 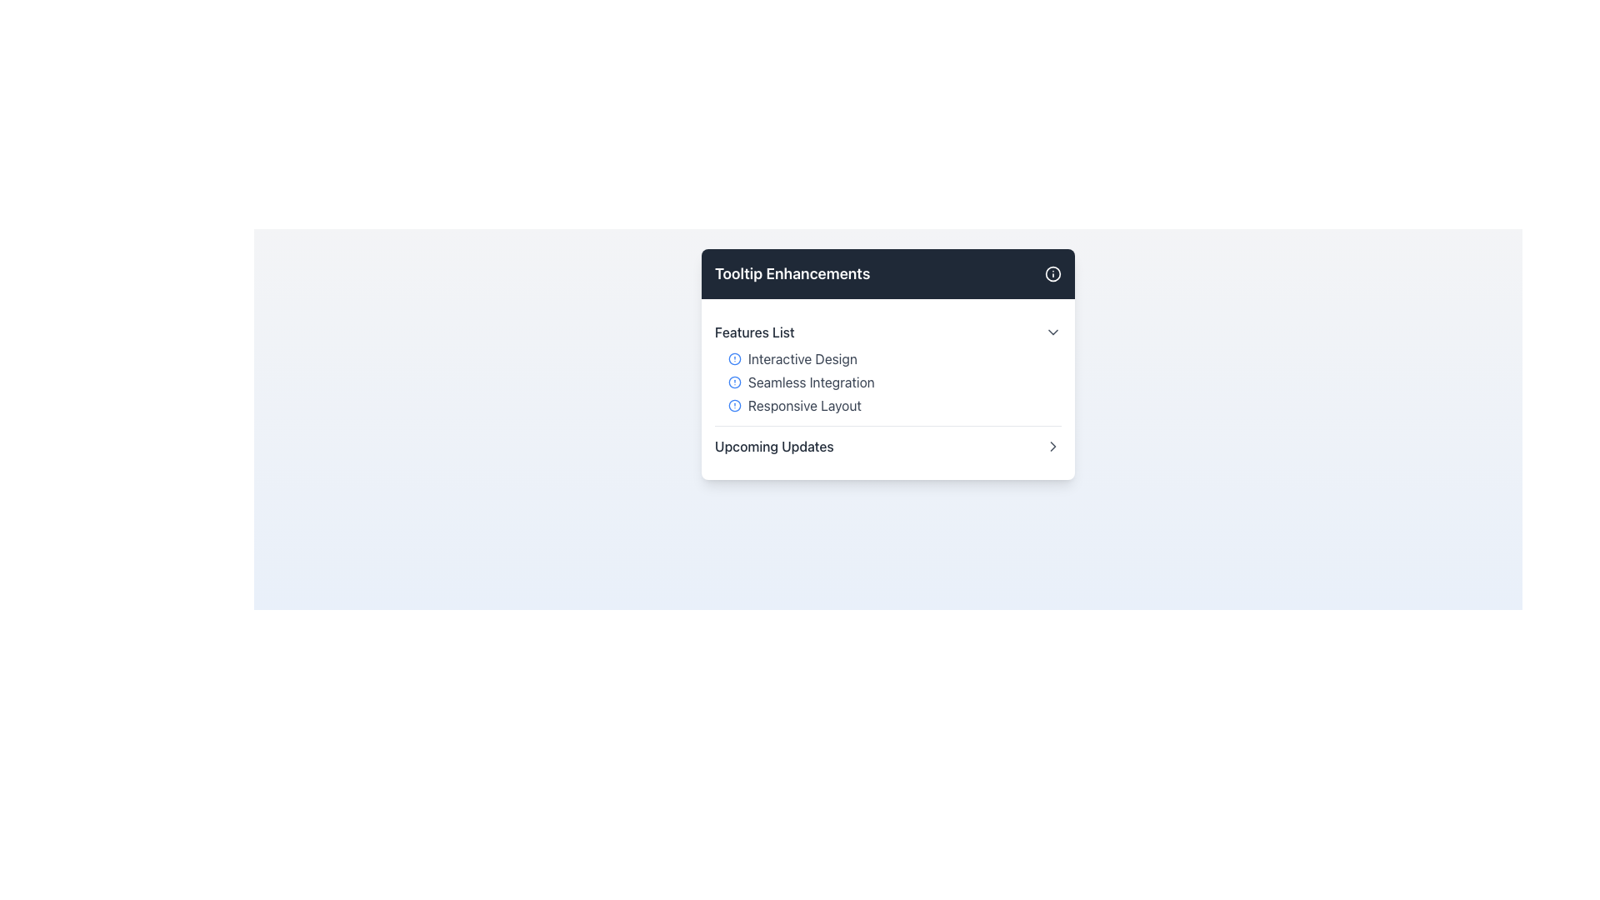 I want to click on the last interactive list item labeled 'Upcoming Updates' in the 'Features List' section, so click(x=887, y=445).